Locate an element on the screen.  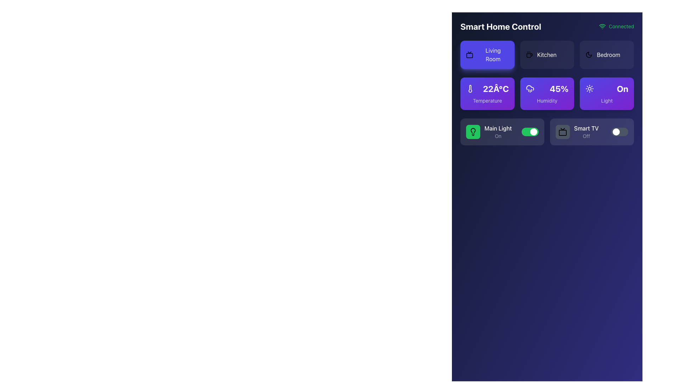
the toggle switch thumb is located at coordinates (616, 132).